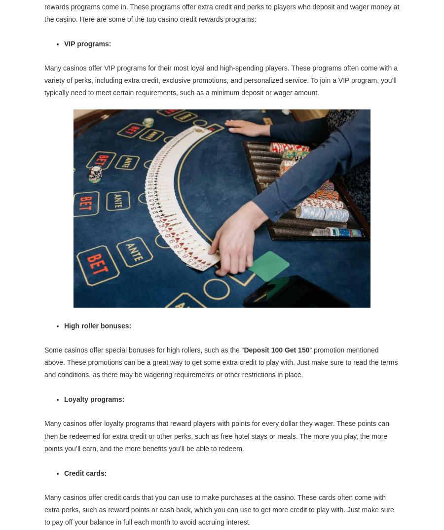  What do you see at coordinates (85, 473) in the screenshot?
I see `'Credit cards:'` at bounding box center [85, 473].